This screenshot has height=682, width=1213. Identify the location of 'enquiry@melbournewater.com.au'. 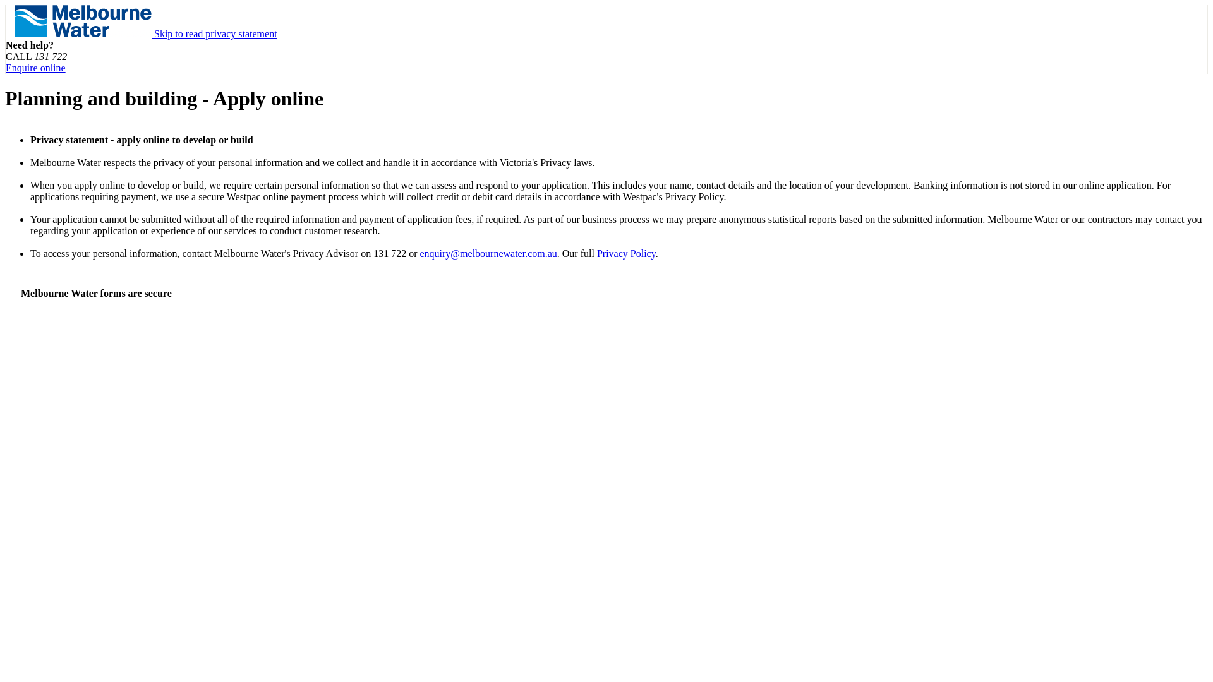
(487, 253).